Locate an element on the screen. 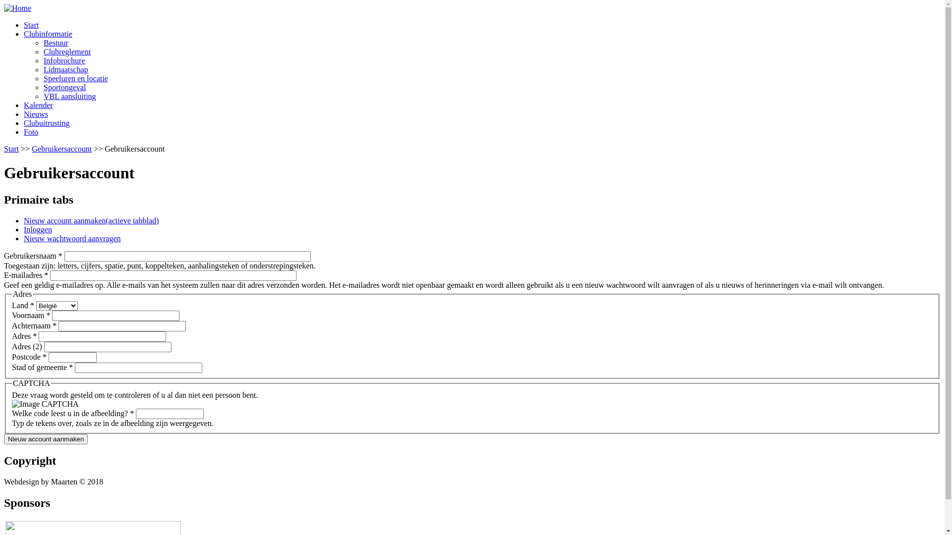  'Speeluren en locatie' is located at coordinates (75, 78).